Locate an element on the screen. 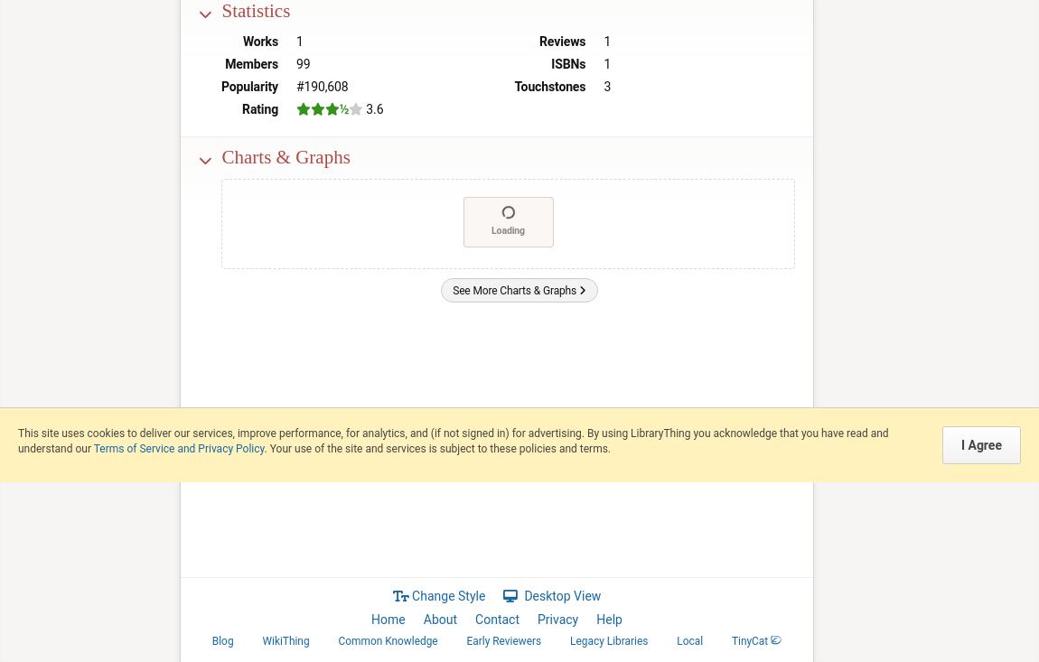 Image resolution: width=1039 pixels, height=662 pixels. 'I Agree' is located at coordinates (959, 444).